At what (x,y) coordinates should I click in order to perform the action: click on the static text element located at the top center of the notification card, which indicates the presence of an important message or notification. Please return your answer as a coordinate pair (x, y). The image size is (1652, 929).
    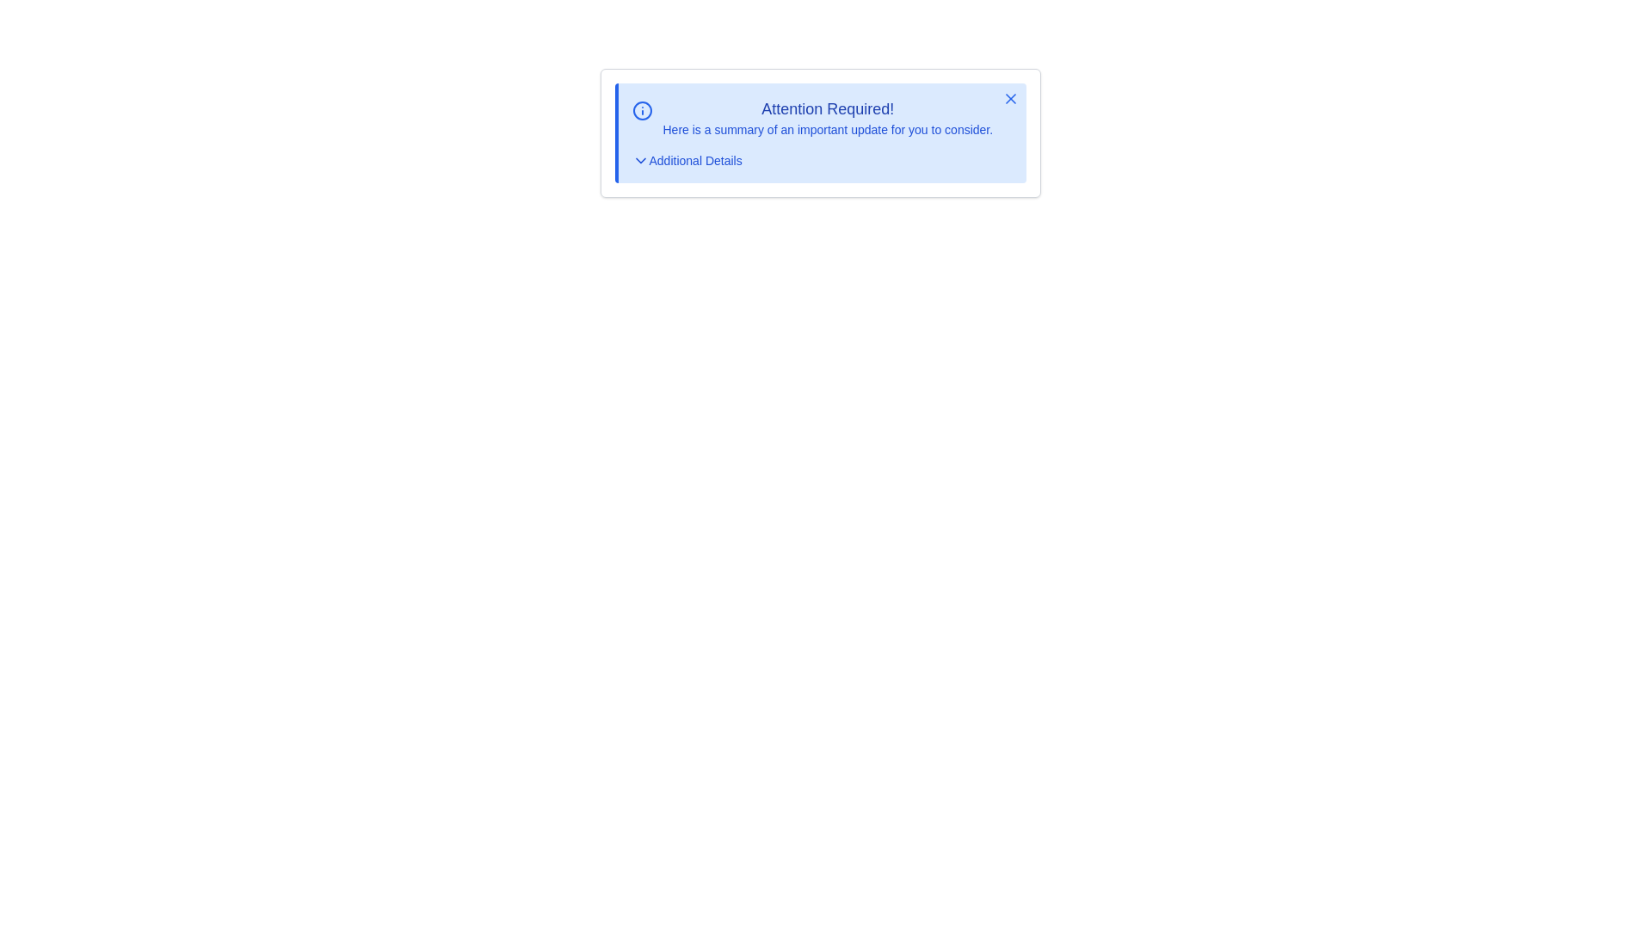
    Looking at the image, I should click on (828, 109).